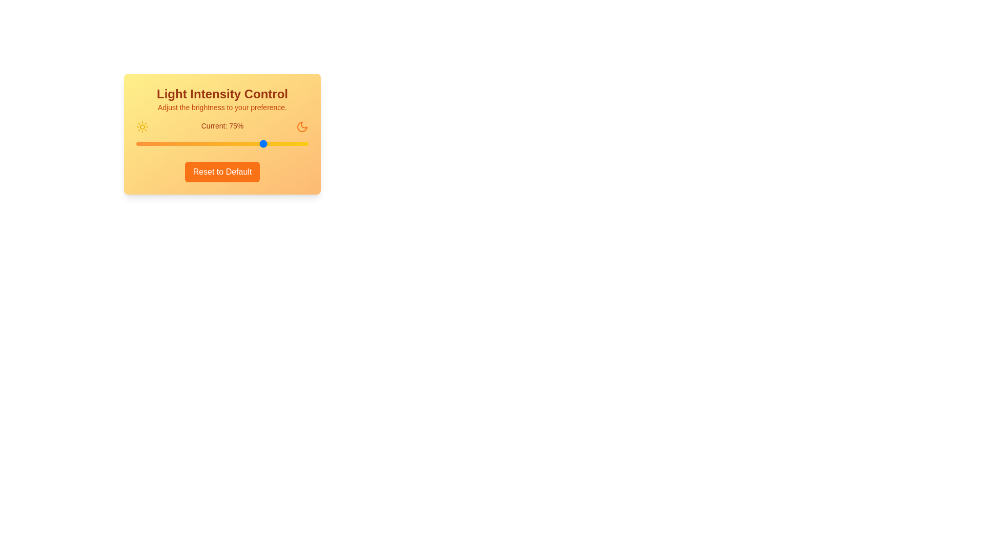  What do you see at coordinates (255, 144) in the screenshot?
I see `the light intensity to 69% by interacting with the slider` at bounding box center [255, 144].